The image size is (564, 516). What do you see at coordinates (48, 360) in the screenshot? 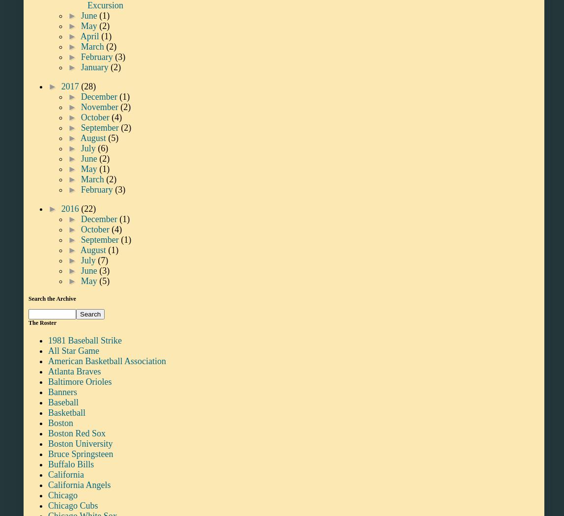
I see `'American Basketball Association'` at bounding box center [48, 360].